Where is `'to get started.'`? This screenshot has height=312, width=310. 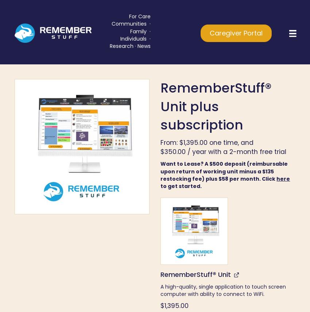
'to get started.' is located at coordinates (182, 186).